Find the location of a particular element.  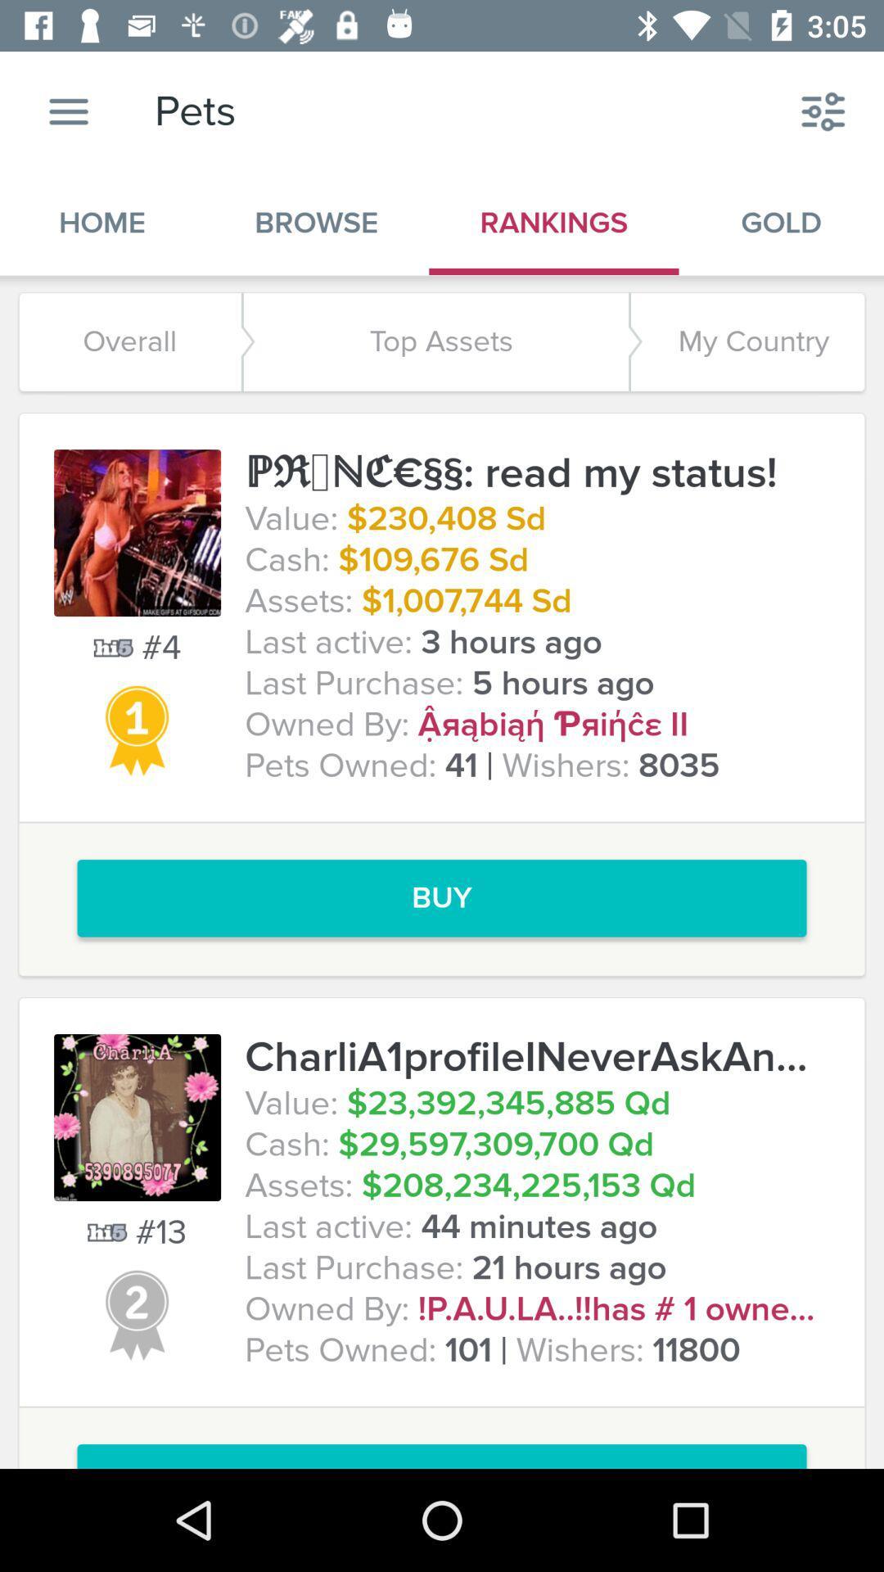

access menu options is located at coordinates (68, 111).